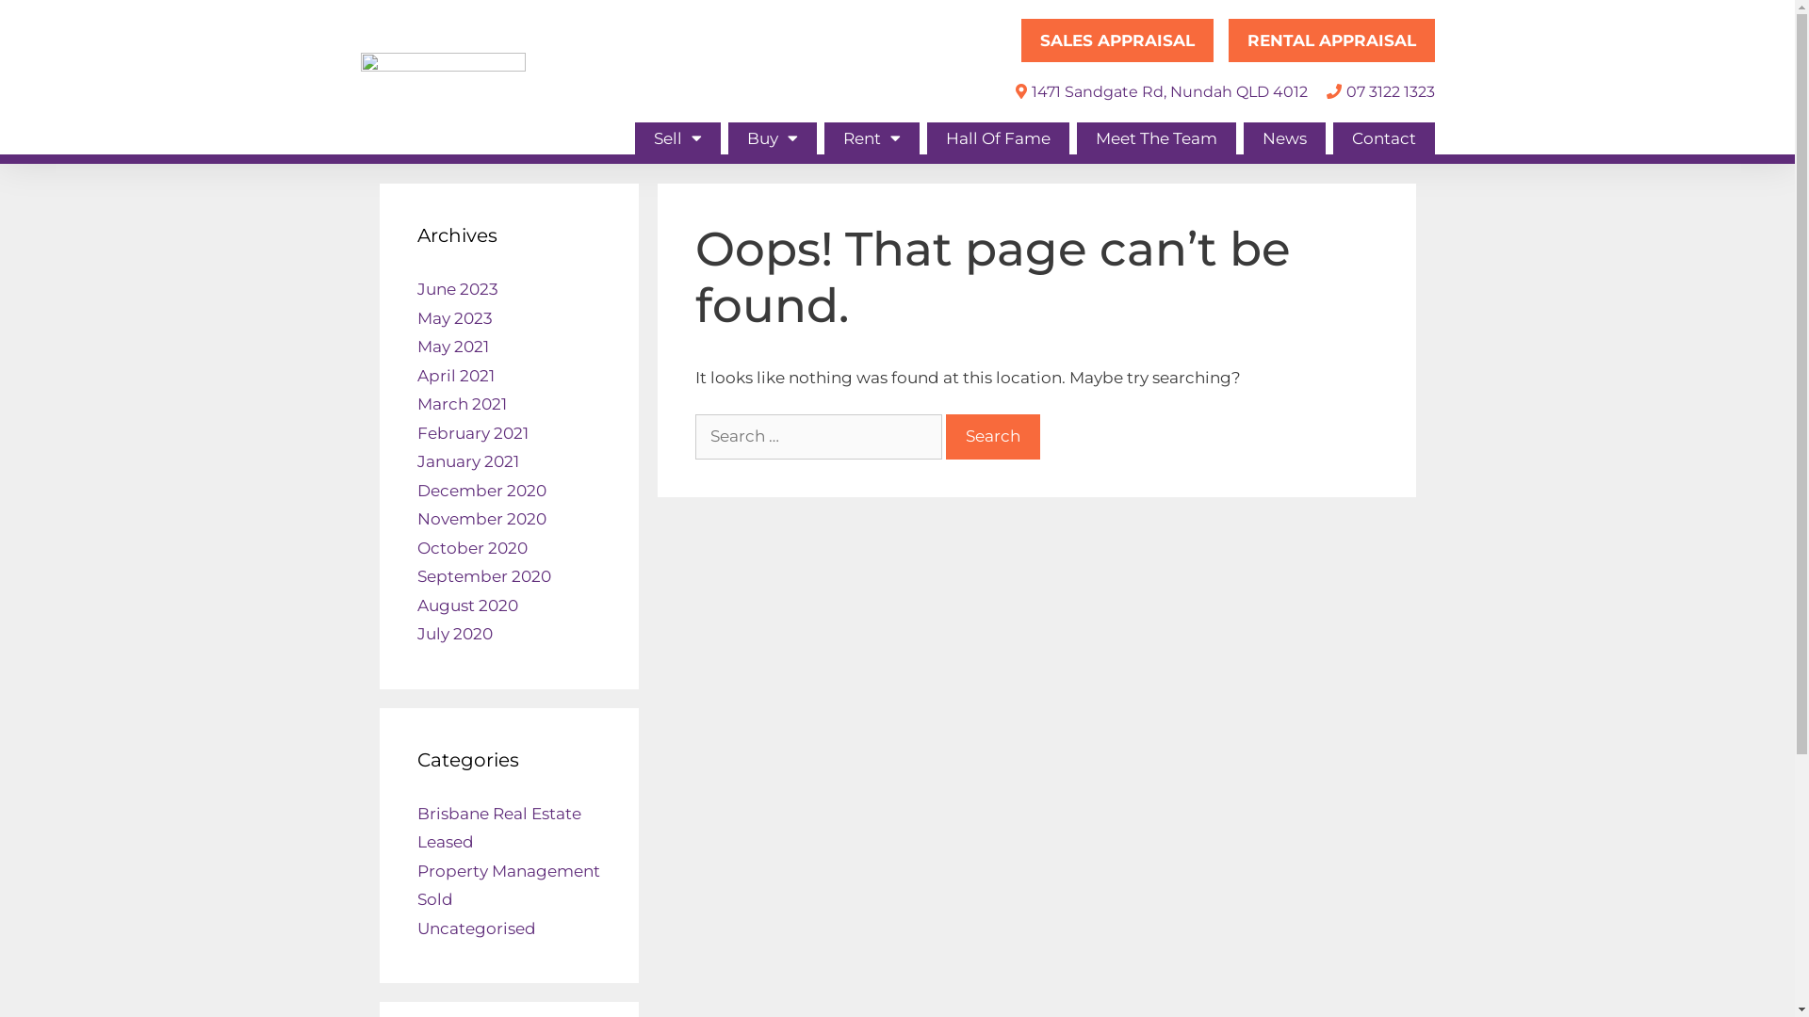 Image resolution: width=1809 pixels, height=1017 pixels. What do you see at coordinates (415, 402) in the screenshot?
I see `'March 2021'` at bounding box center [415, 402].